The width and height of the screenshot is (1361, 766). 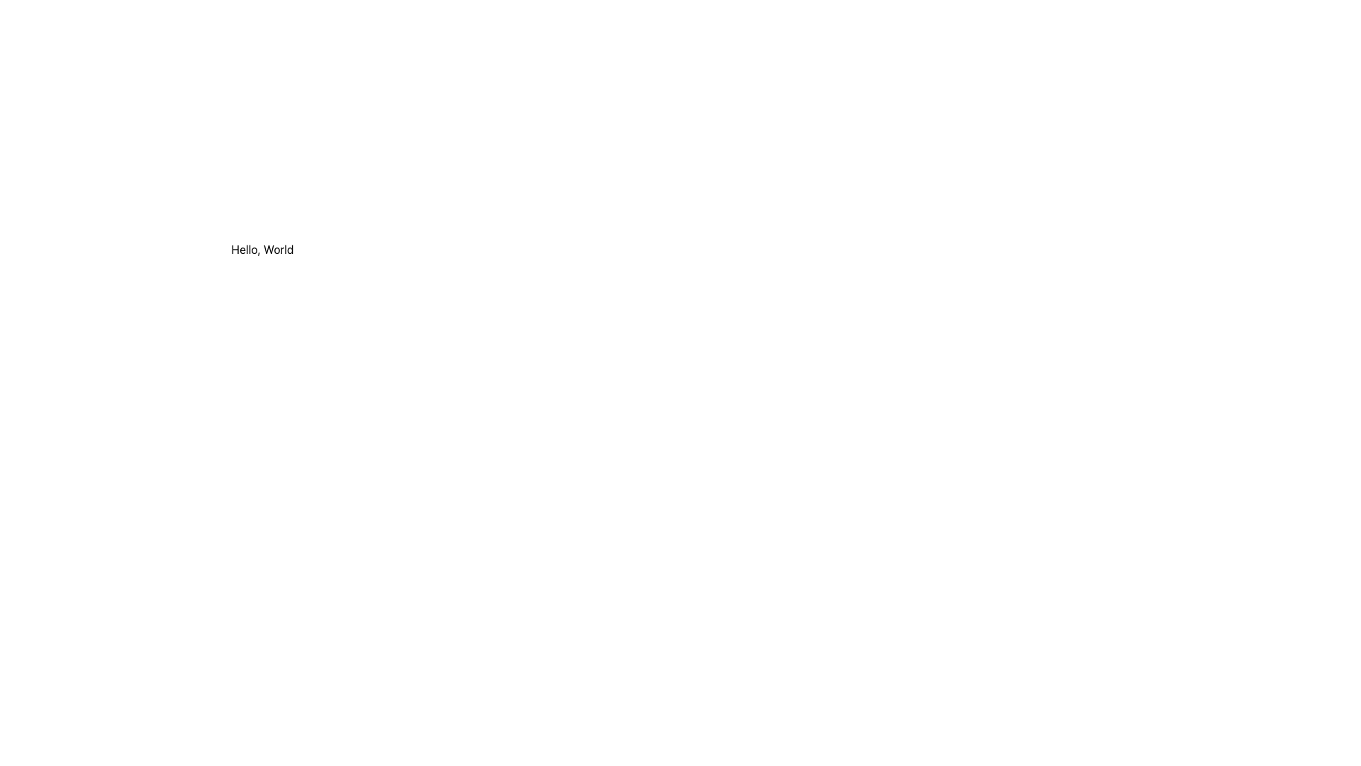 What do you see at coordinates (262, 248) in the screenshot?
I see `the static text element displaying 'Hello, World'` at bounding box center [262, 248].